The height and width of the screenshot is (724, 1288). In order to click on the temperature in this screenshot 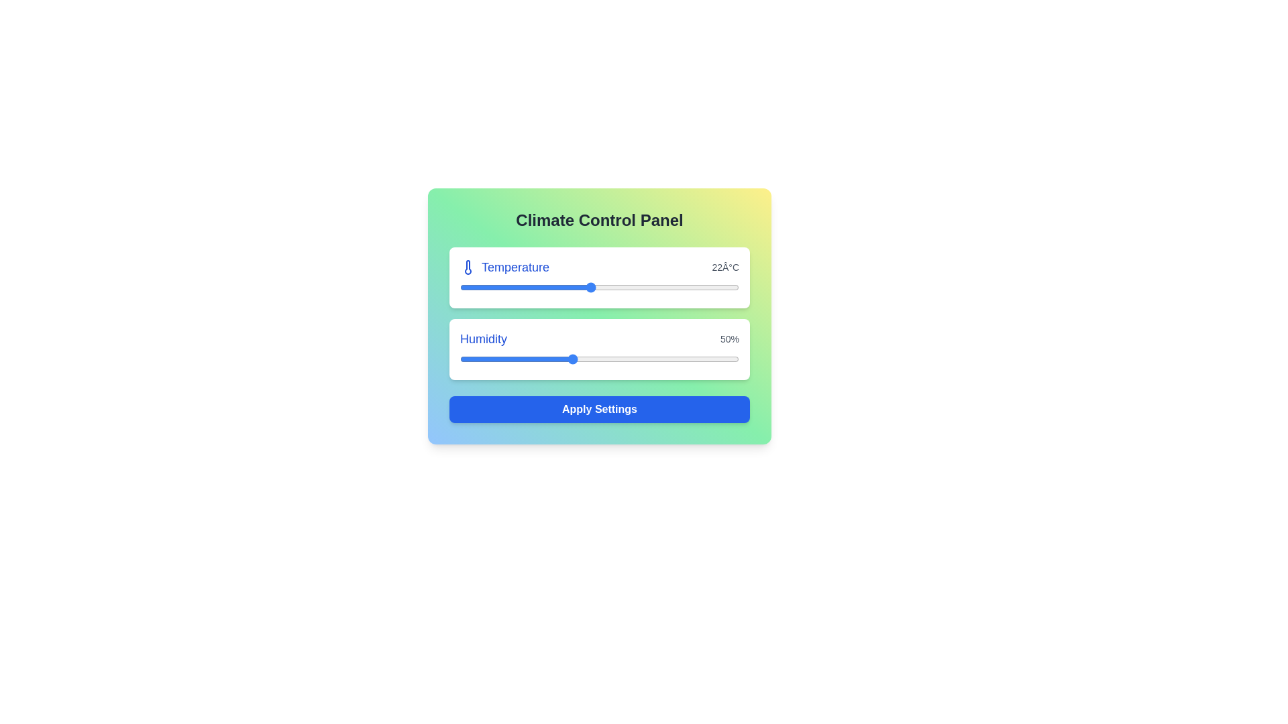, I will do `click(533, 286)`.